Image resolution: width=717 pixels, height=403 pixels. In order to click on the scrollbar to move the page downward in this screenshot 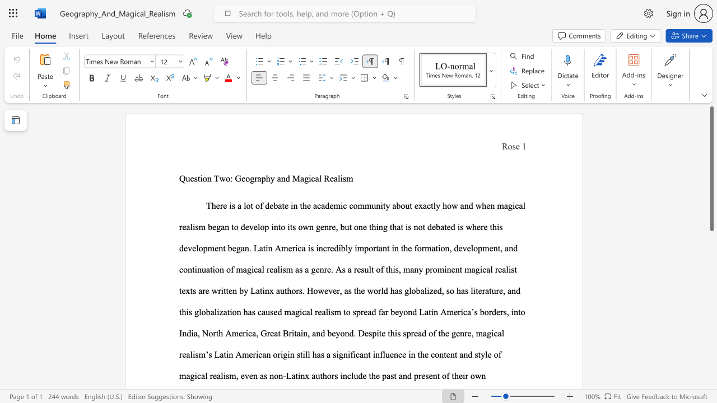, I will do `click(711, 375)`.